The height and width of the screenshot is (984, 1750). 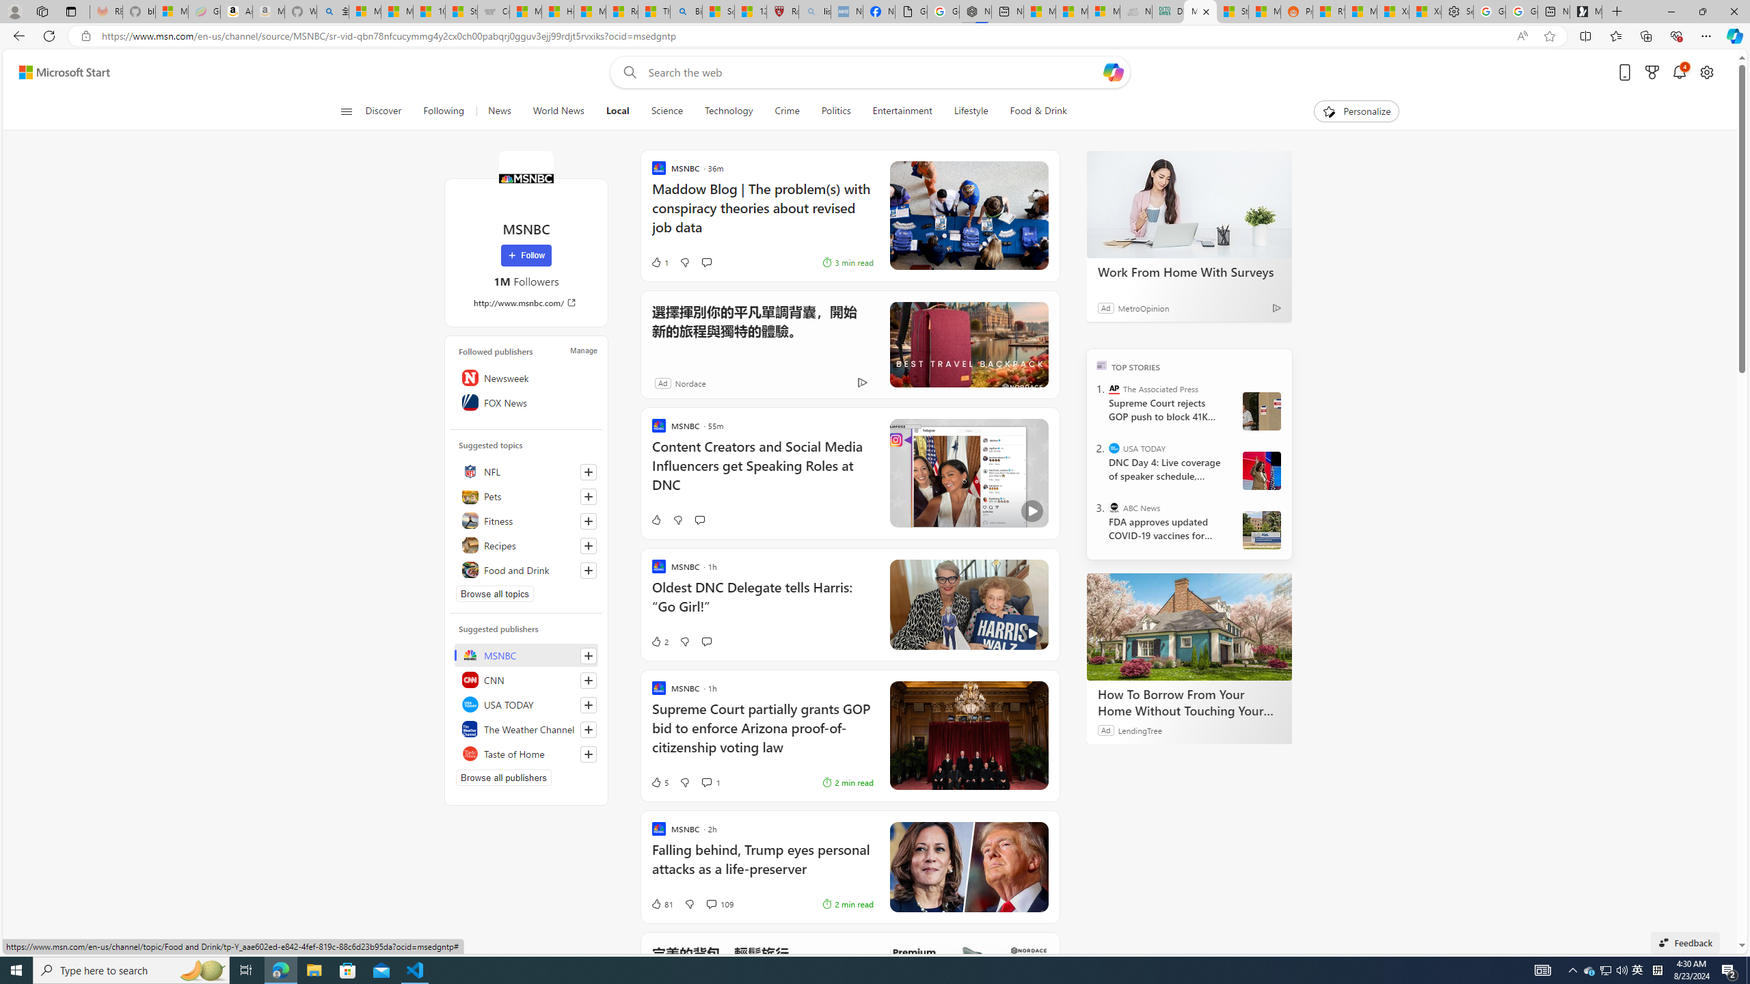 I want to click on 'Follow this topic', so click(x=588, y=570).